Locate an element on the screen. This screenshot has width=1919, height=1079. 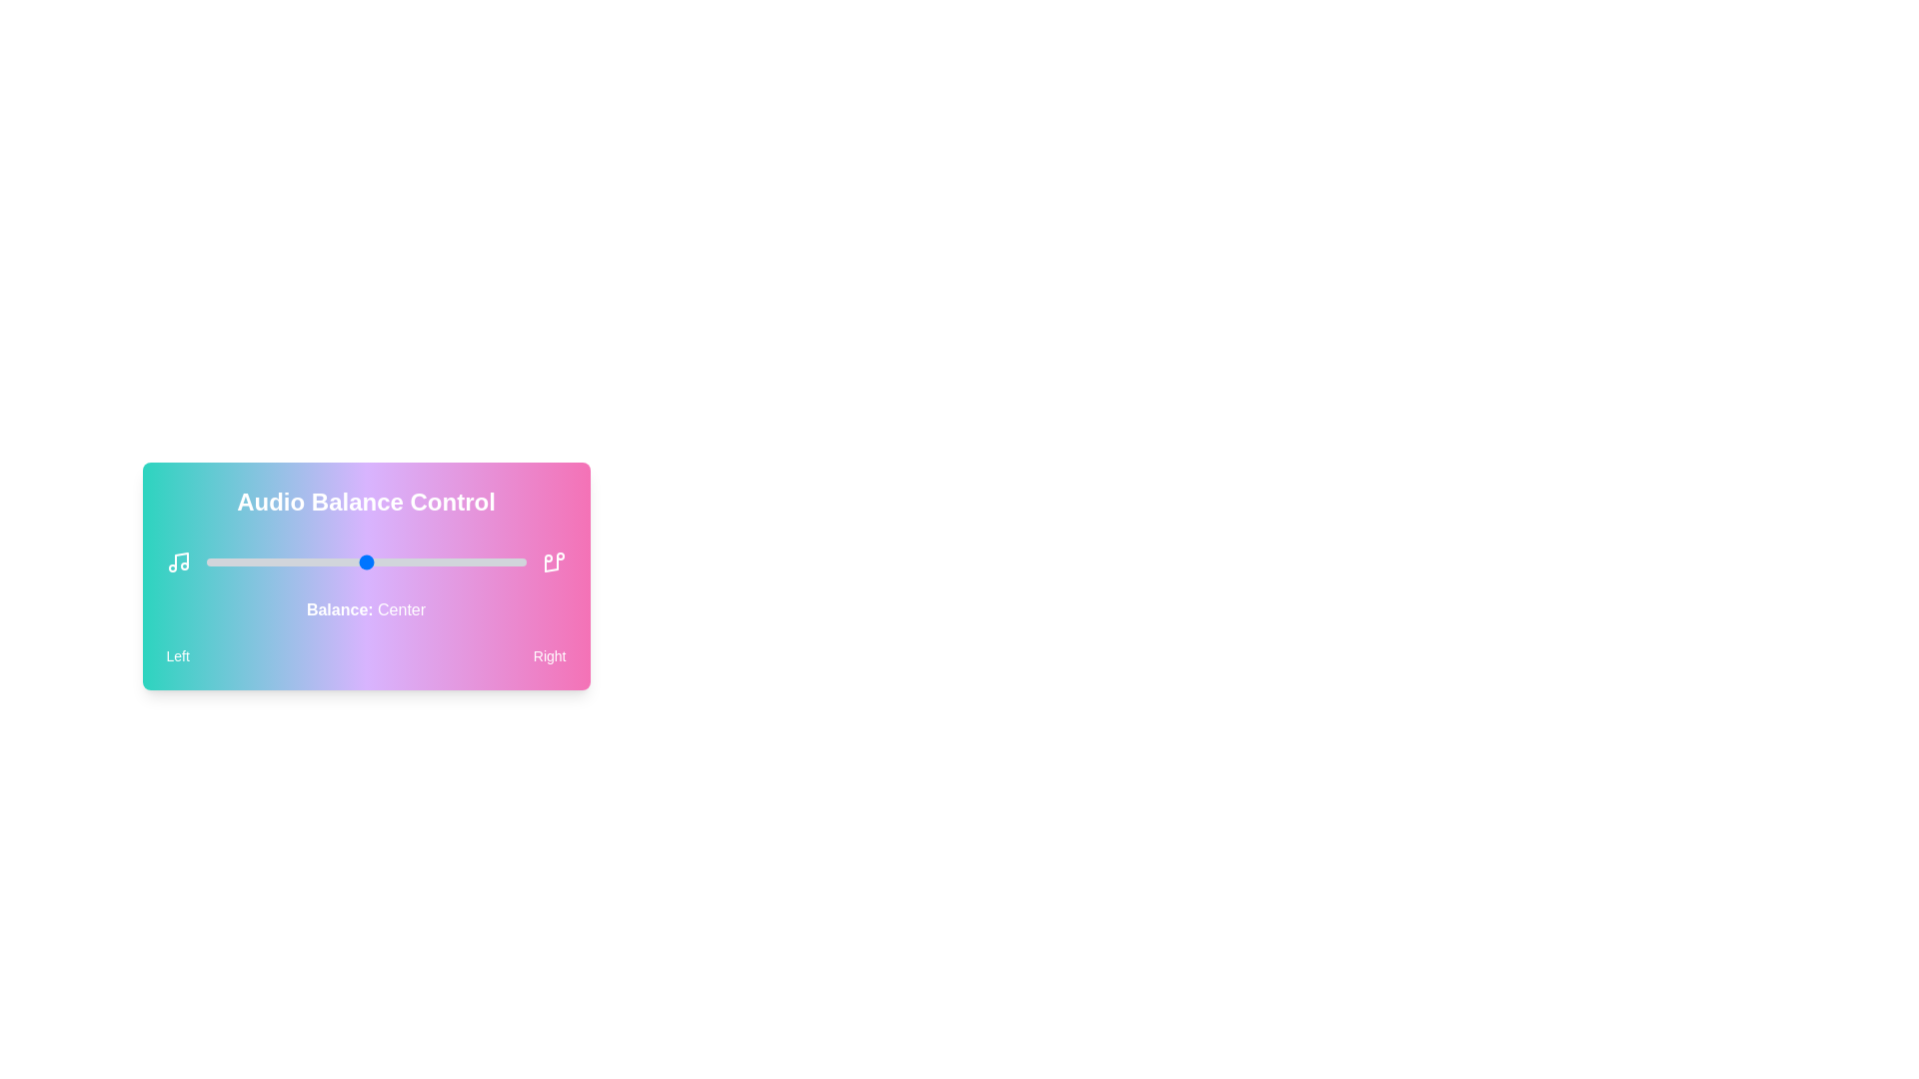
the audio balance slider to 40 percent is located at coordinates (334, 562).